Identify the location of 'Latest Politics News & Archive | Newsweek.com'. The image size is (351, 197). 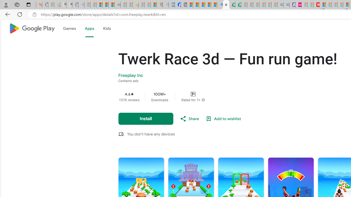
(316, 5).